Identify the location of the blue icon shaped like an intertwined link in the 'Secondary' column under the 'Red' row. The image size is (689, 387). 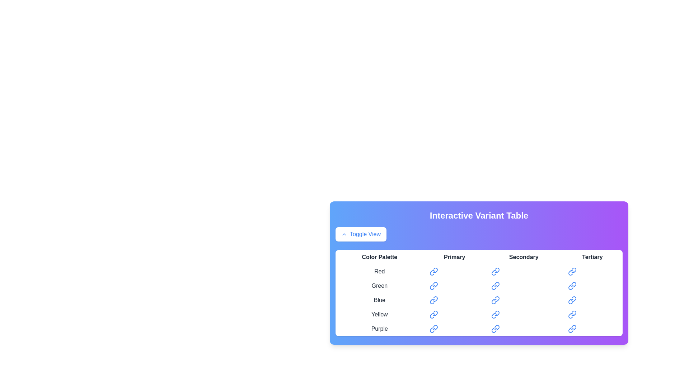
(496, 270).